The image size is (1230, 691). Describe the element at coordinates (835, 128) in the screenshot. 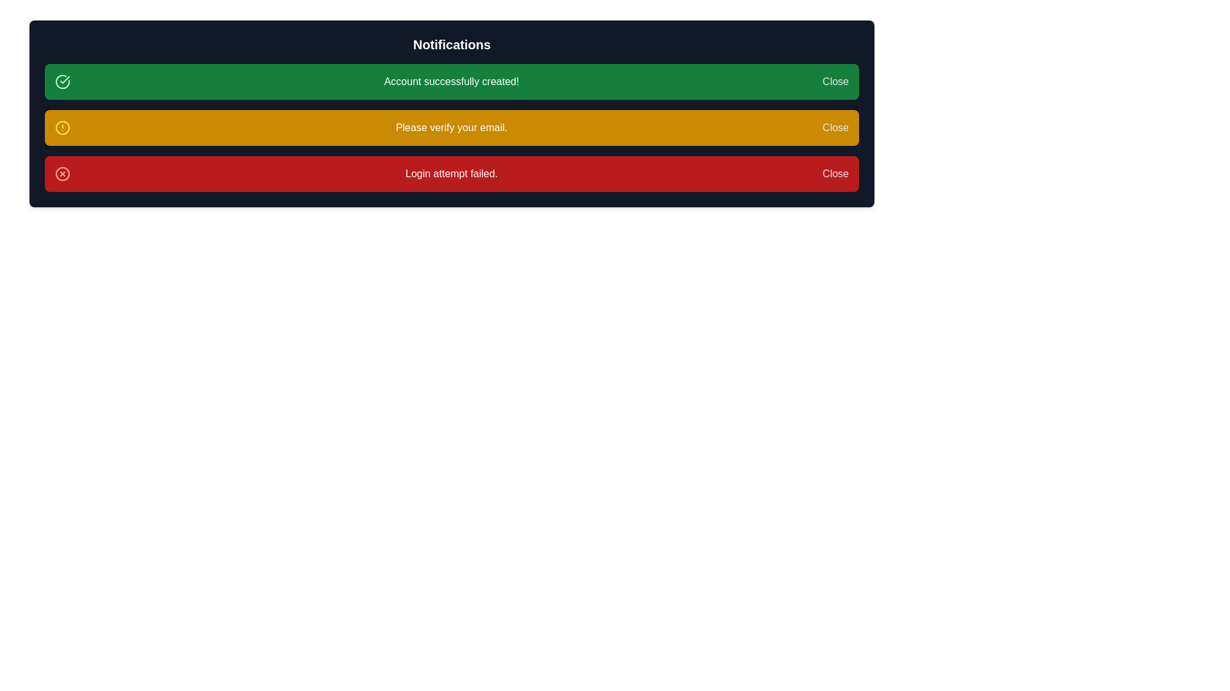

I see `the 'Close' button located at the far right side of the notification panel with a yellow background` at that location.